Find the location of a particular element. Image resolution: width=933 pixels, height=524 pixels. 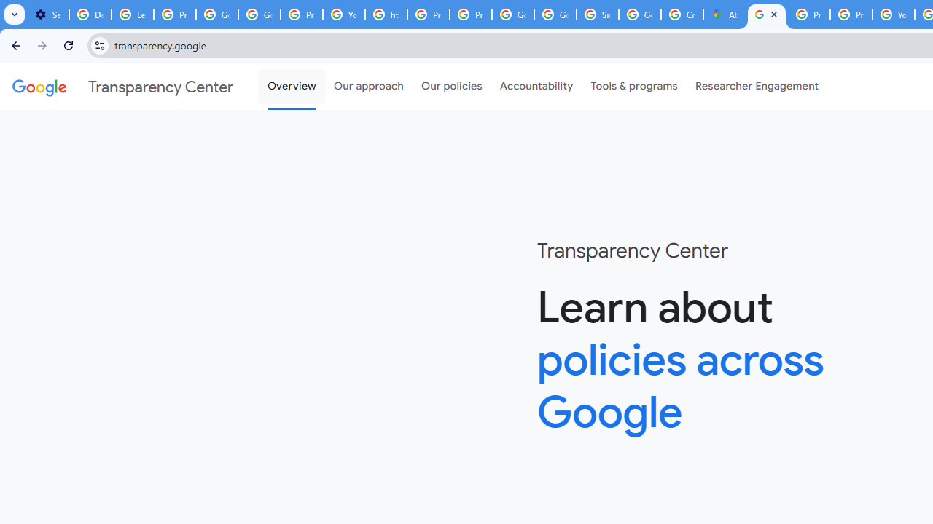

'Privacy Help Center - Policies Help' is located at coordinates (808, 15).